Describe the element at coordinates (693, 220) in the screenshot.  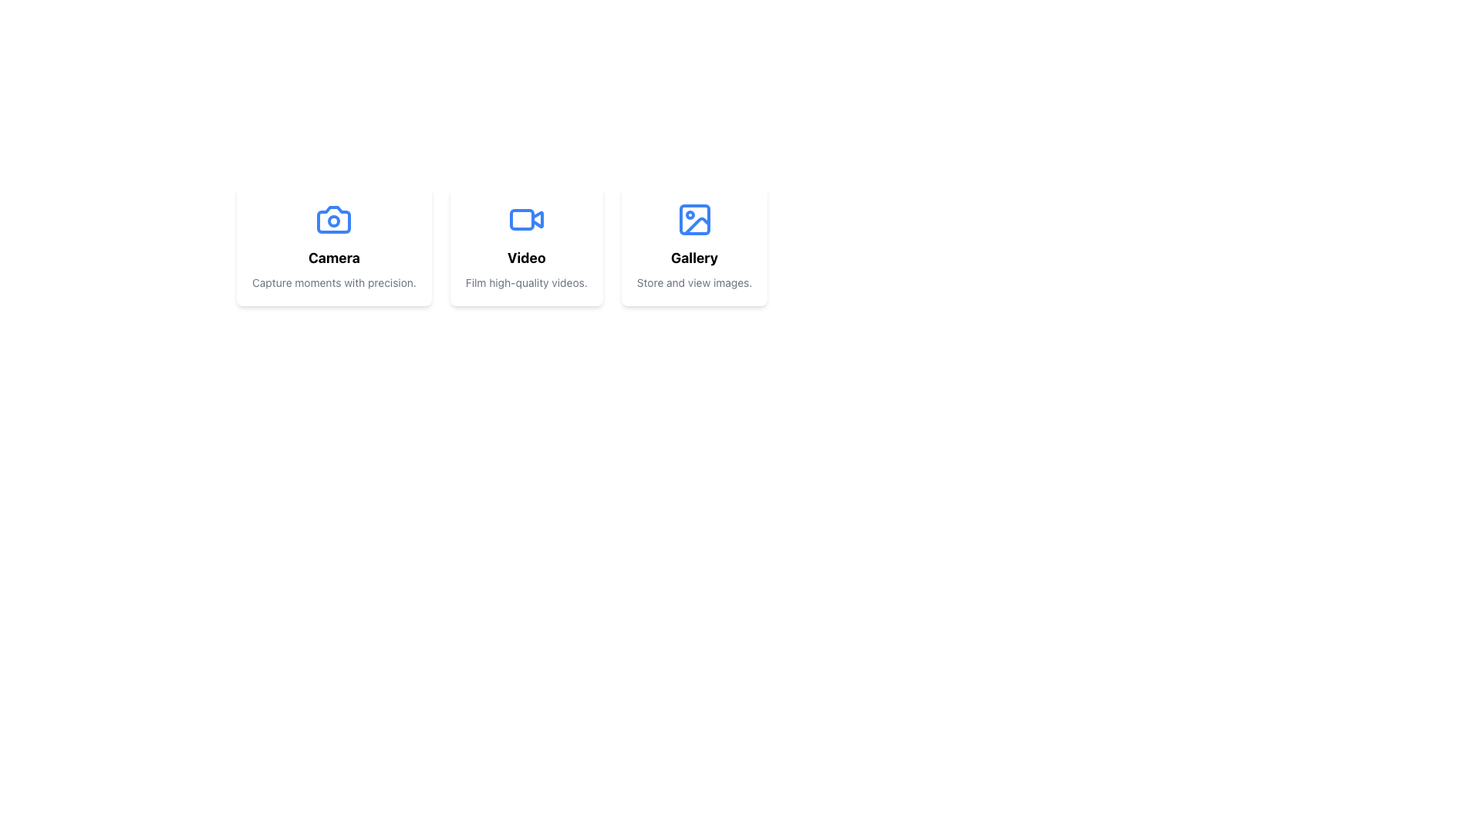
I see `the small rectangle with rounded corners located in the top-left corner of the stylized image icon associated with the third card titled 'Gallery'` at that location.